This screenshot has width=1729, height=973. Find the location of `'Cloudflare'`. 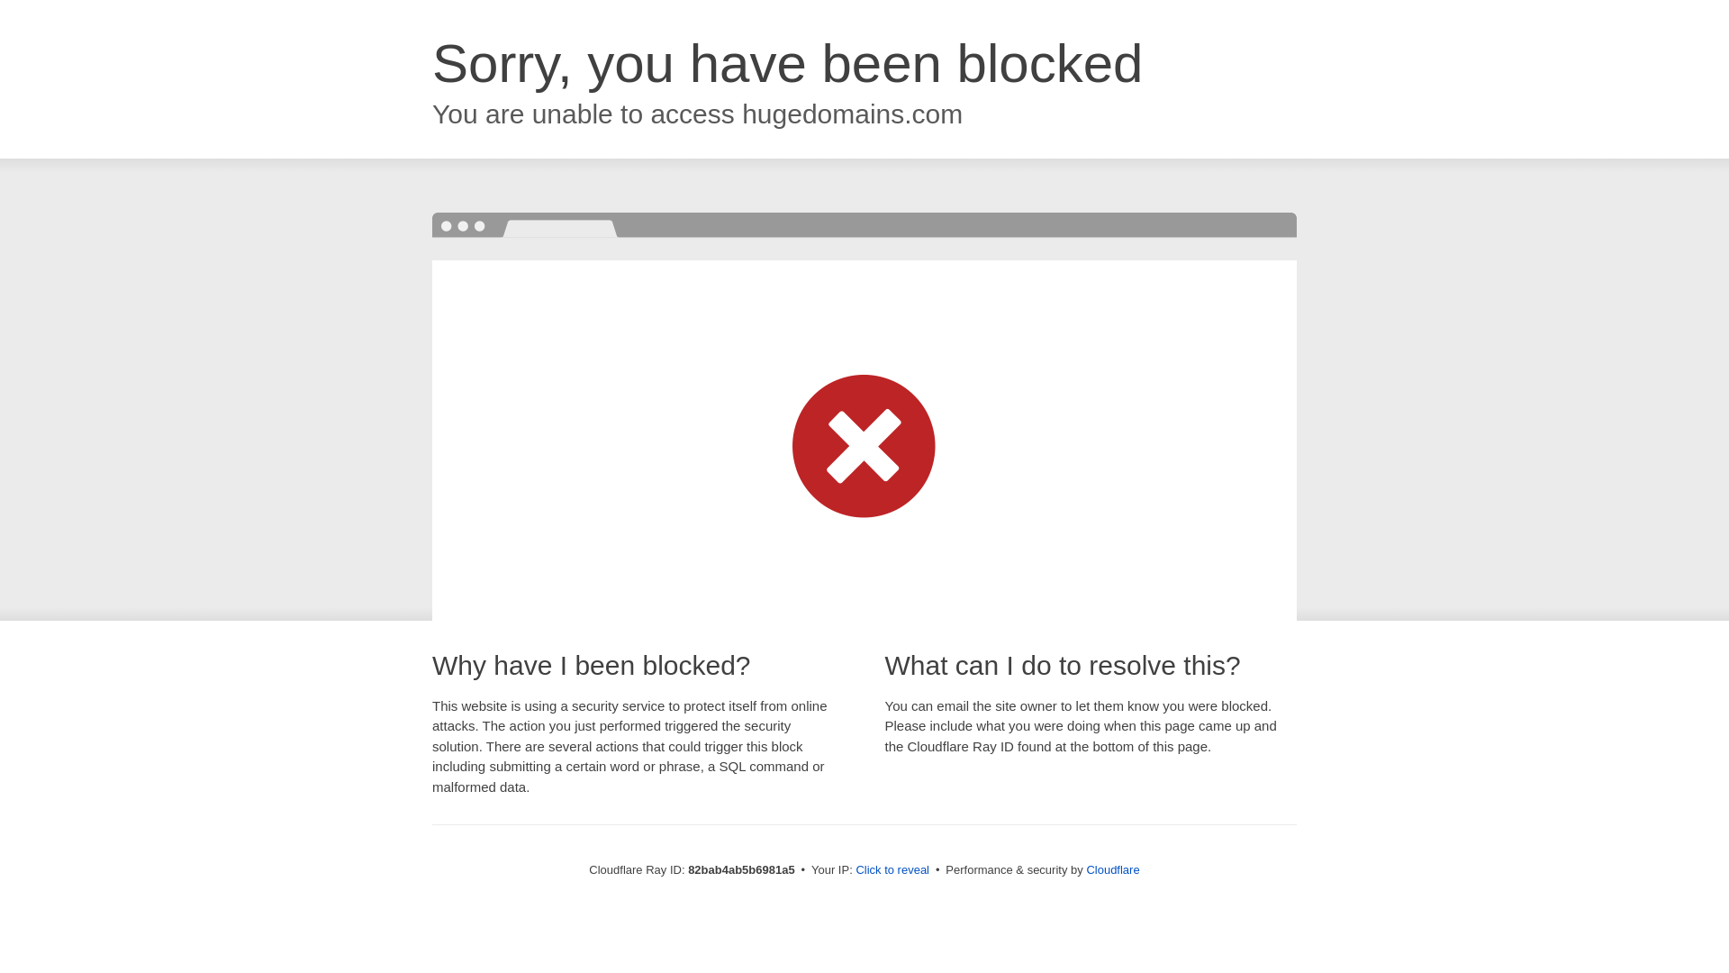

'Cloudflare' is located at coordinates (1084, 868).